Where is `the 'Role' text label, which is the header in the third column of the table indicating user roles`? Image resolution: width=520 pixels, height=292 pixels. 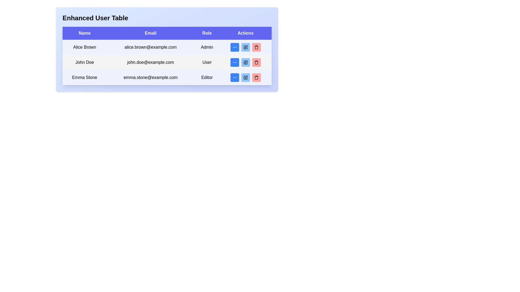 the 'Role' text label, which is the header in the third column of the table indicating user roles is located at coordinates (207, 33).